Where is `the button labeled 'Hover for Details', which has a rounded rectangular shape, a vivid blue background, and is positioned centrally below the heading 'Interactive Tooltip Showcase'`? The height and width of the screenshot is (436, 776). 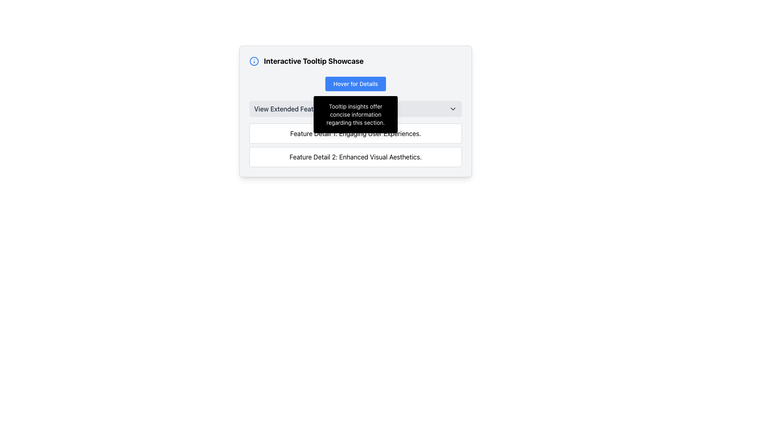
the button labeled 'Hover for Details', which has a rounded rectangular shape, a vivid blue background, and is positioned centrally below the heading 'Interactive Tooltip Showcase' is located at coordinates (355, 84).